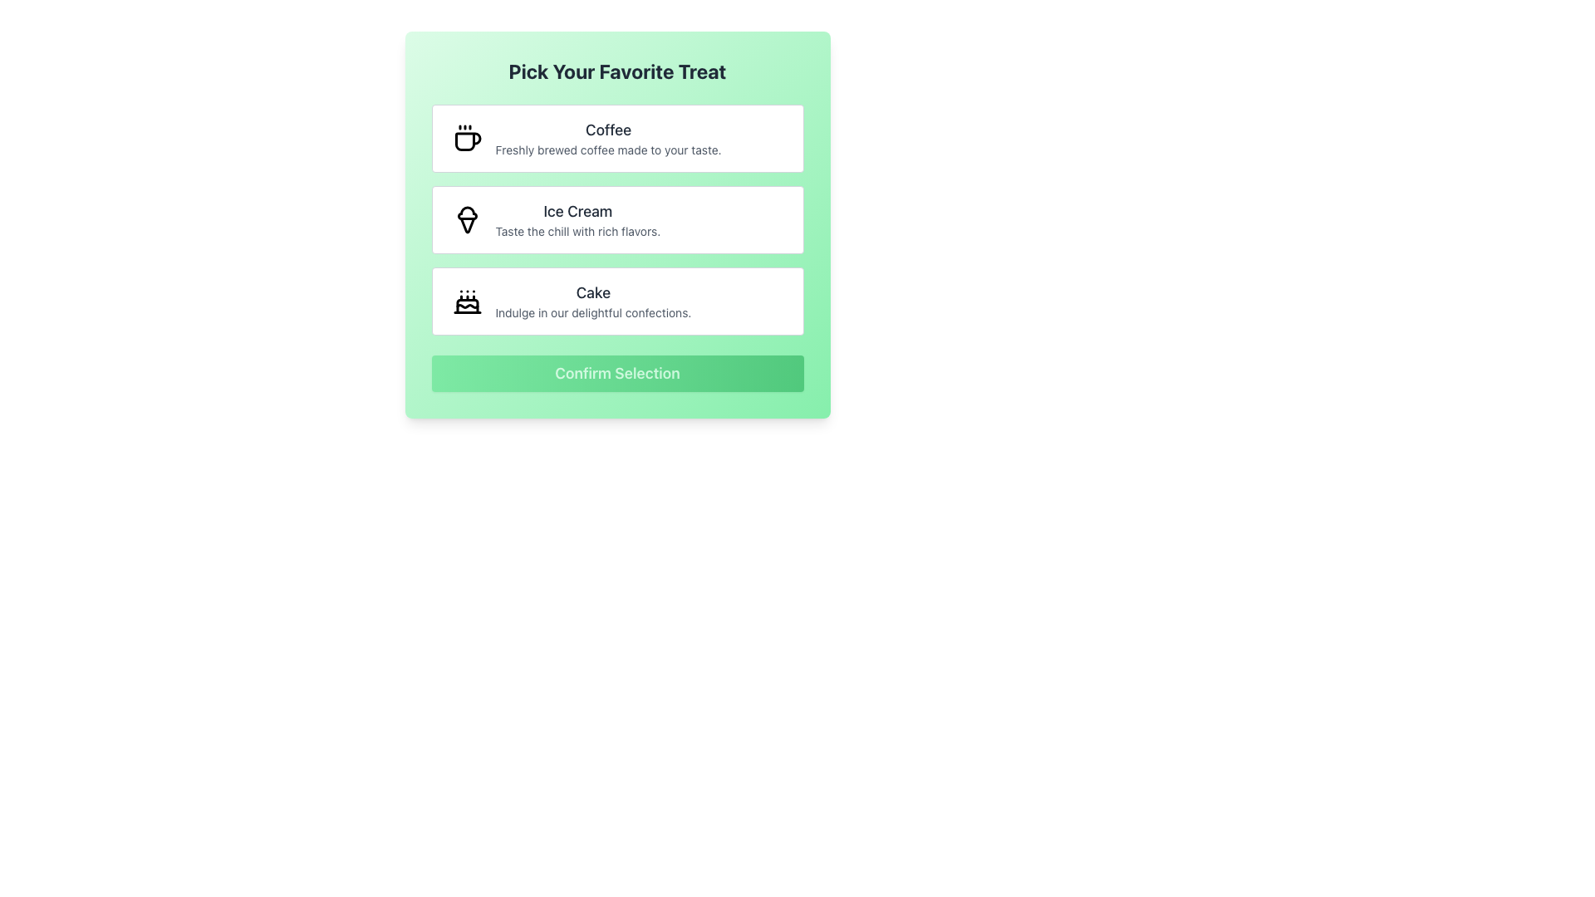 The image size is (1595, 897). I want to click on the 'Cake' SVG Icon located in the third card of a vertical list, positioned to the left of the text 'Cake', so click(466, 301).